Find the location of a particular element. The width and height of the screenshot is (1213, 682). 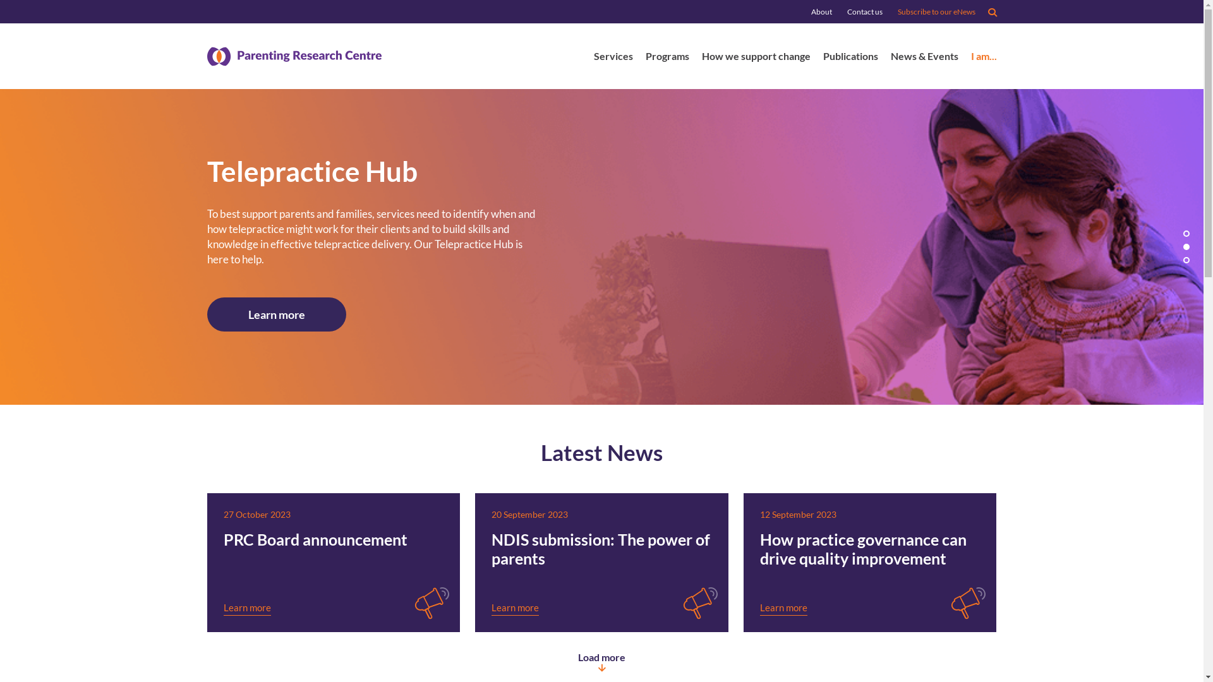

'Programs' is located at coordinates (667, 57).